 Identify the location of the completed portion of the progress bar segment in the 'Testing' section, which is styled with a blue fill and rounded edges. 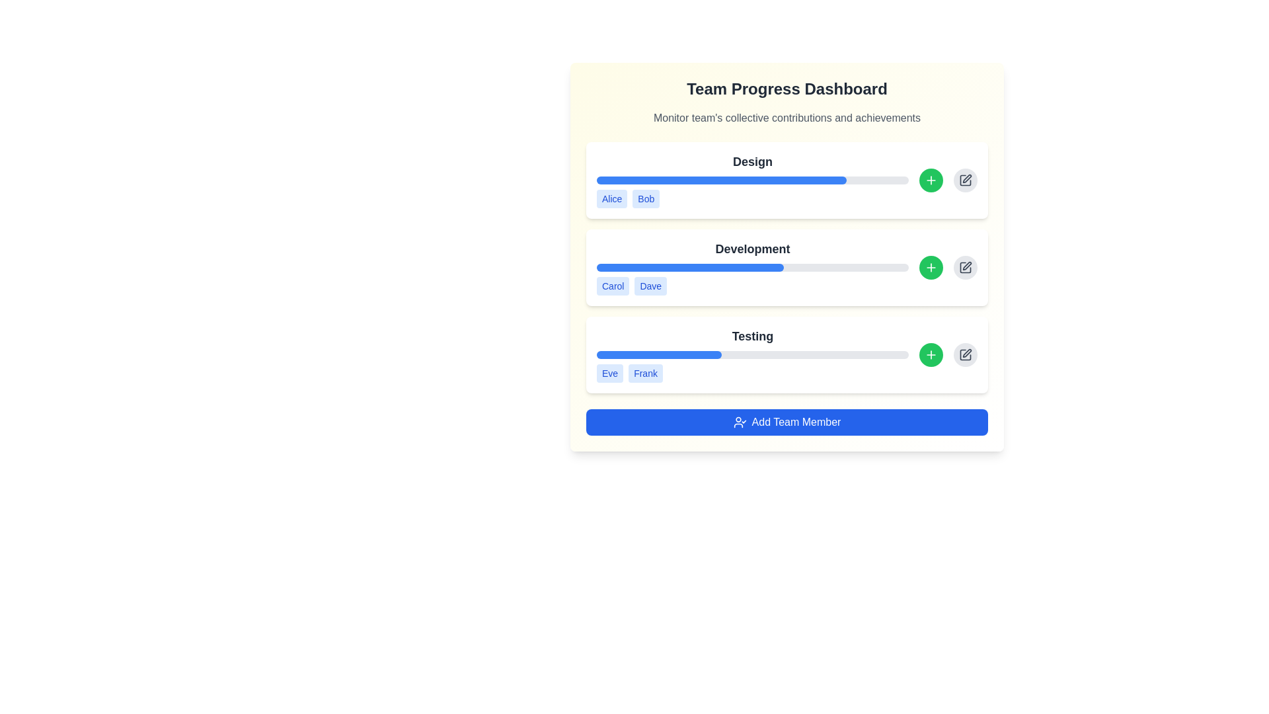
(659, 354).